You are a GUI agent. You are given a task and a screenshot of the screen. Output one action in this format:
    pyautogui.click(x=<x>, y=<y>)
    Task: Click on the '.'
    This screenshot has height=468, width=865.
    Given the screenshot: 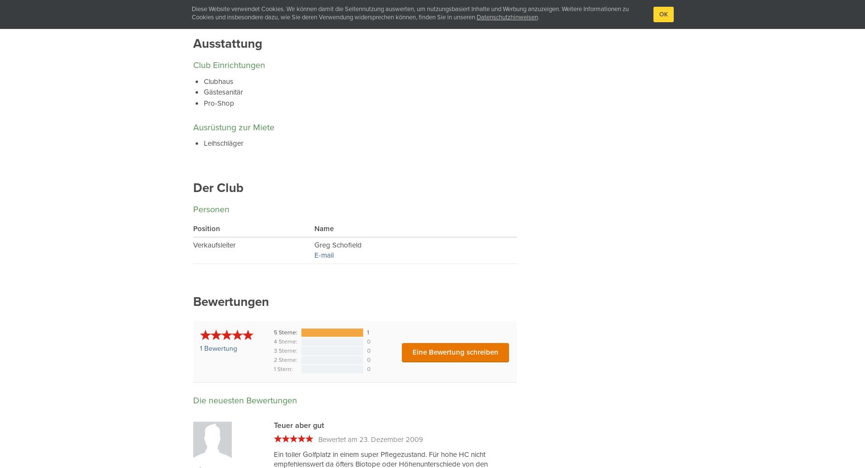 What is the action you would take?
    pyautogui.click(x=538, y=17)
    